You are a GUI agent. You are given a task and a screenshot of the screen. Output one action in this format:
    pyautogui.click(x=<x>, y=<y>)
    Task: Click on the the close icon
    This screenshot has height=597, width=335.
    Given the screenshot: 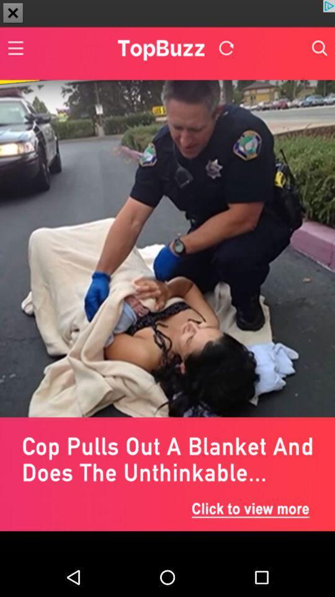 What is the action you would take?
    pyautogui.click(x=12, y=13)
    